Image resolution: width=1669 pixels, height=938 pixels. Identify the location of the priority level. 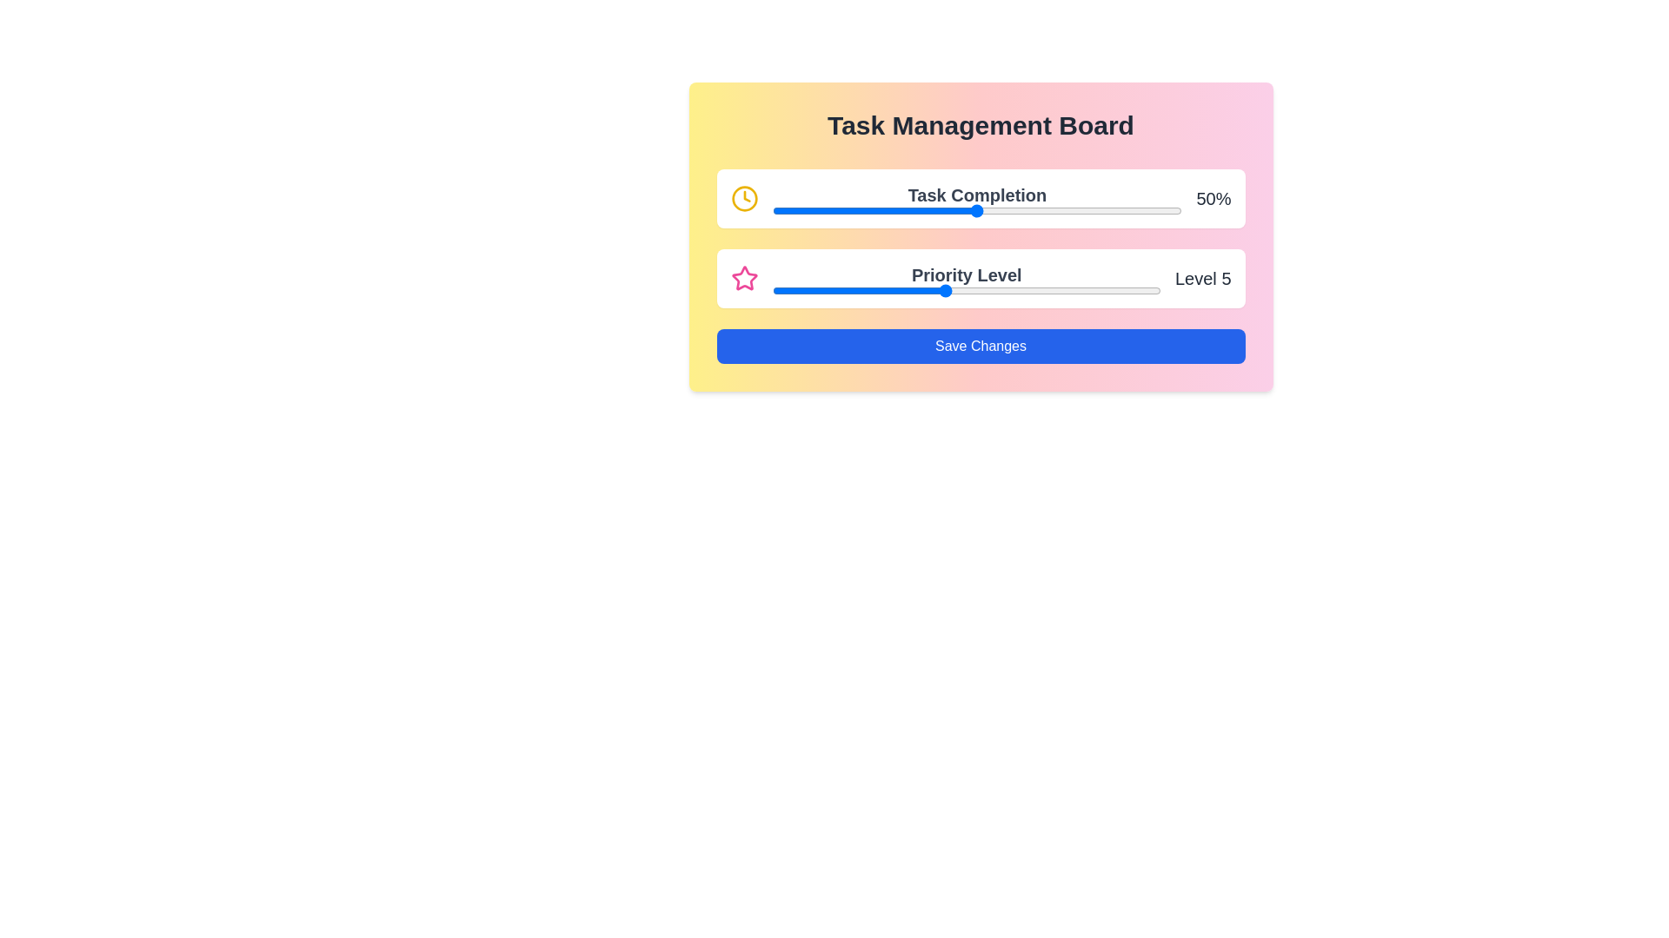
(988, 290).